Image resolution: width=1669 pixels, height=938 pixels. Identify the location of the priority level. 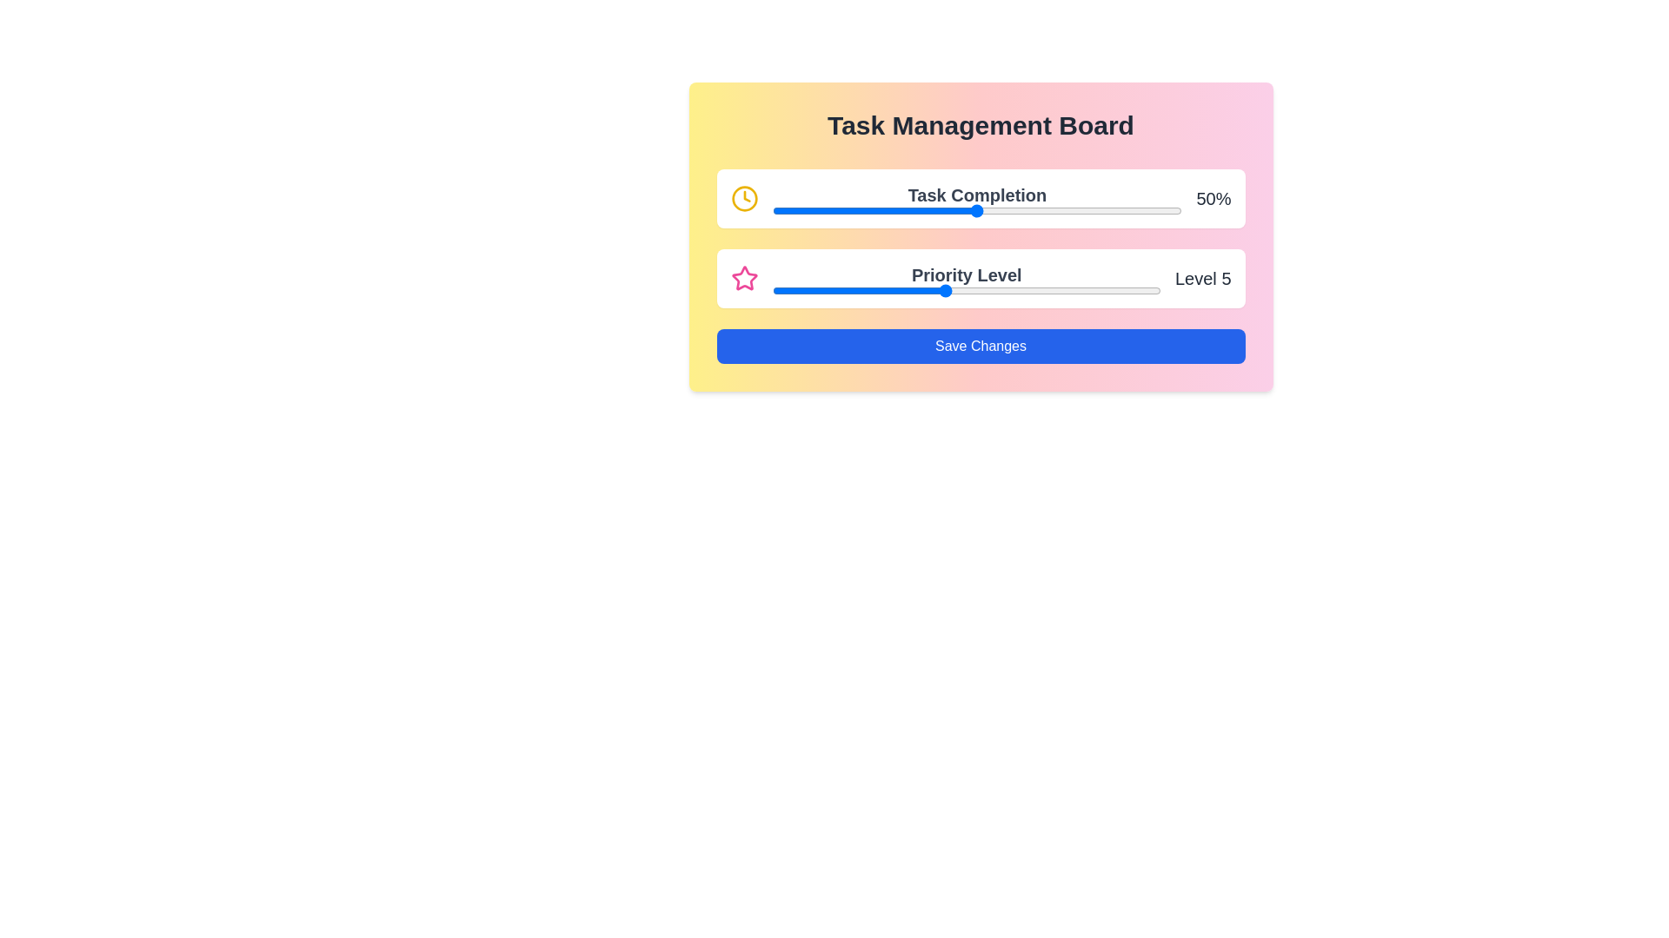
(988, 290).